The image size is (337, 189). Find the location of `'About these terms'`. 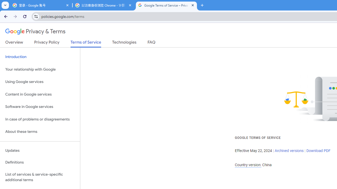

'About these terms' is located at coordinates (40, 132).